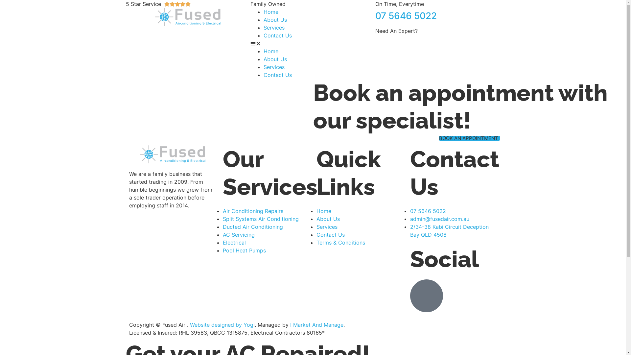 The width and height of the screenshot is (631, 355). I want to click on 'I Market And Manage', so click(316, 324).